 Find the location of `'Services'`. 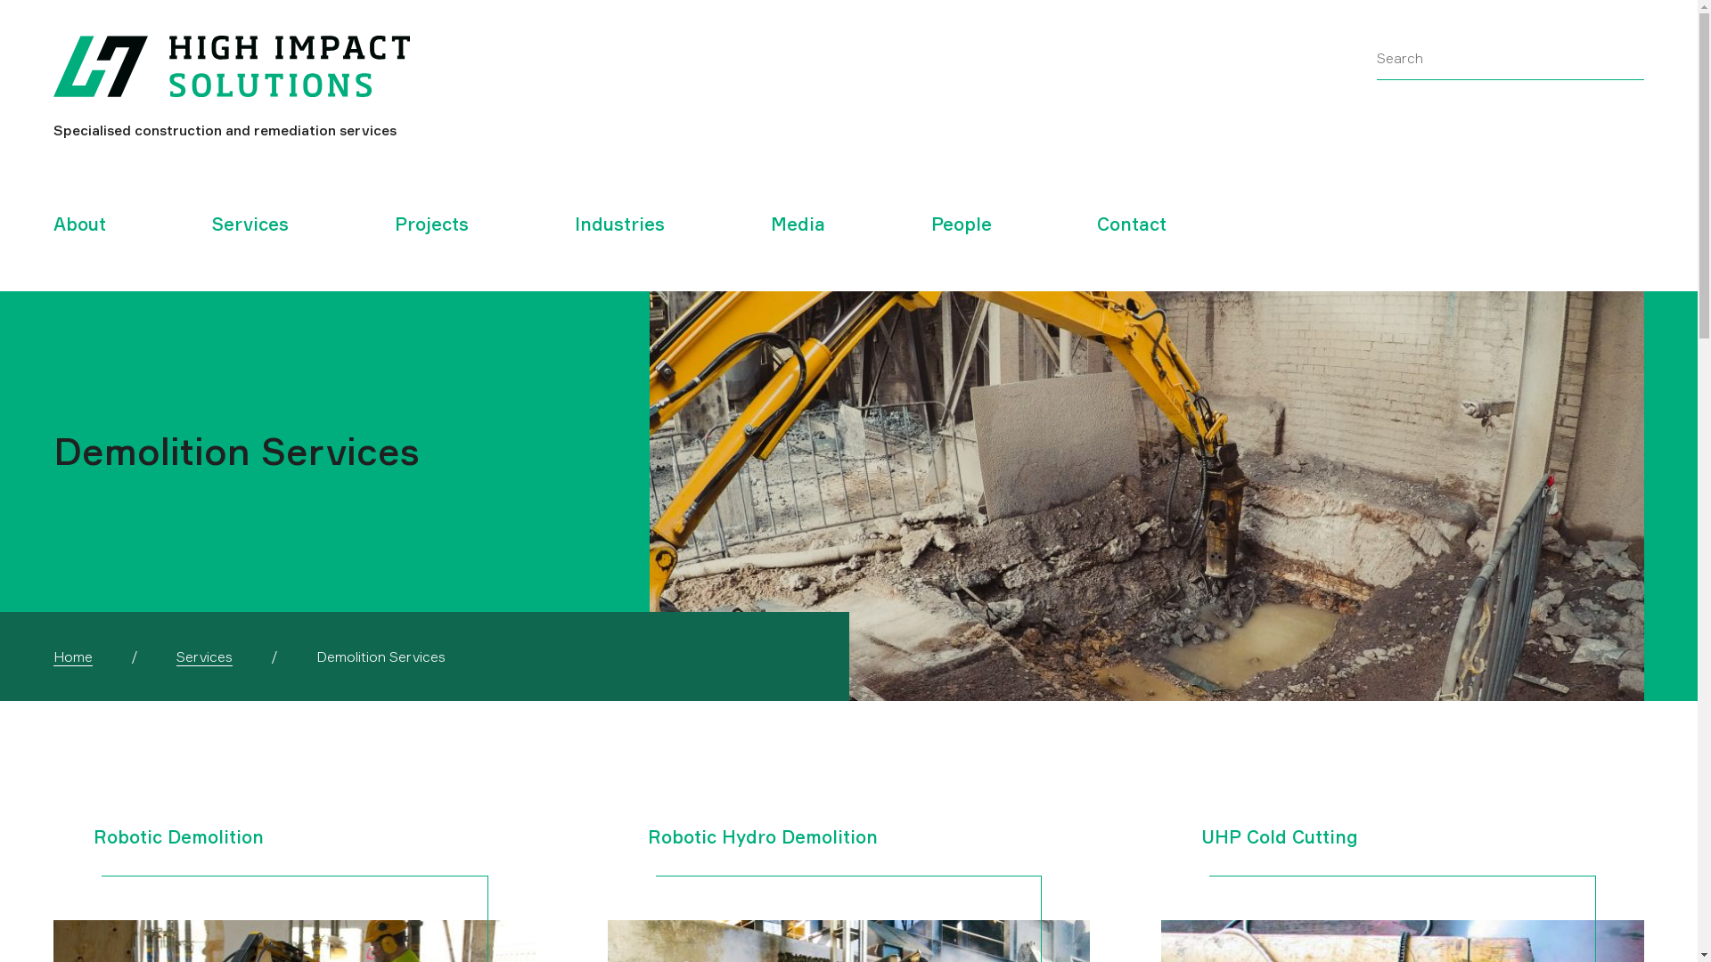

'Services' is located at coordinates (250, 223).